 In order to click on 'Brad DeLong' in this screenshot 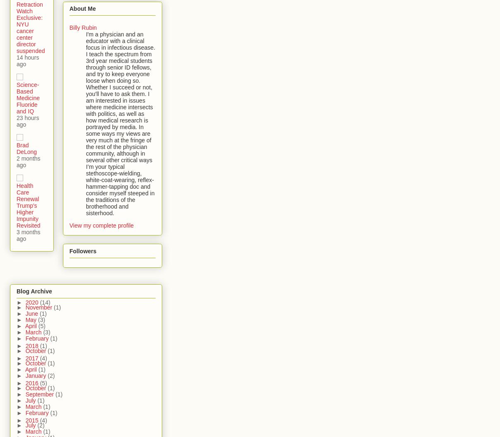, I will do `click(26, 147)`.